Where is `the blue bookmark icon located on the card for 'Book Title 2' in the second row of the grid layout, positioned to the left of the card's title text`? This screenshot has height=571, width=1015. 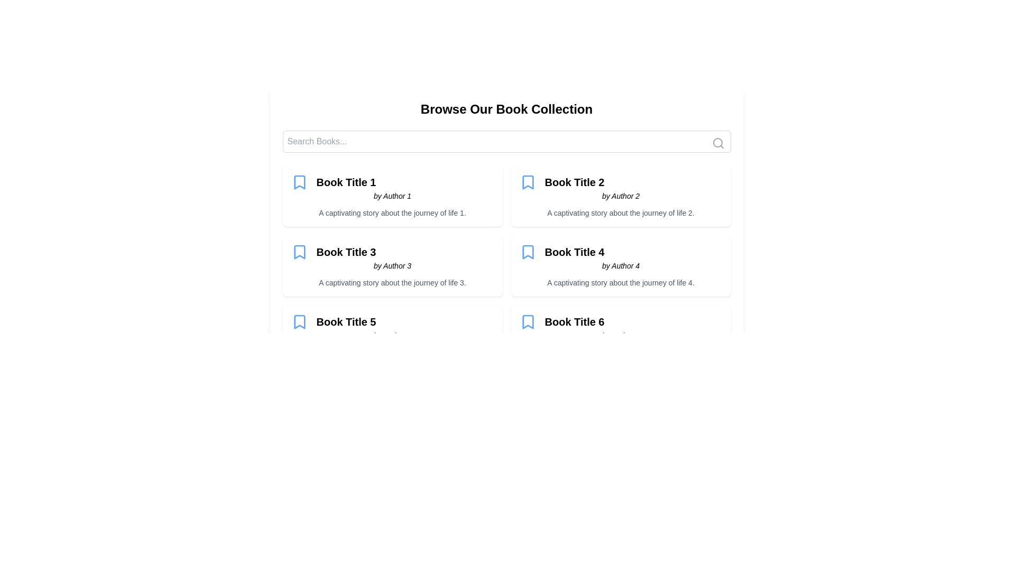 the blue bookmark icon located on the card for 'Book Title 2' in the second row of the grid layout, positioned to the left of the card's title text is located at coordinates (528, 181).